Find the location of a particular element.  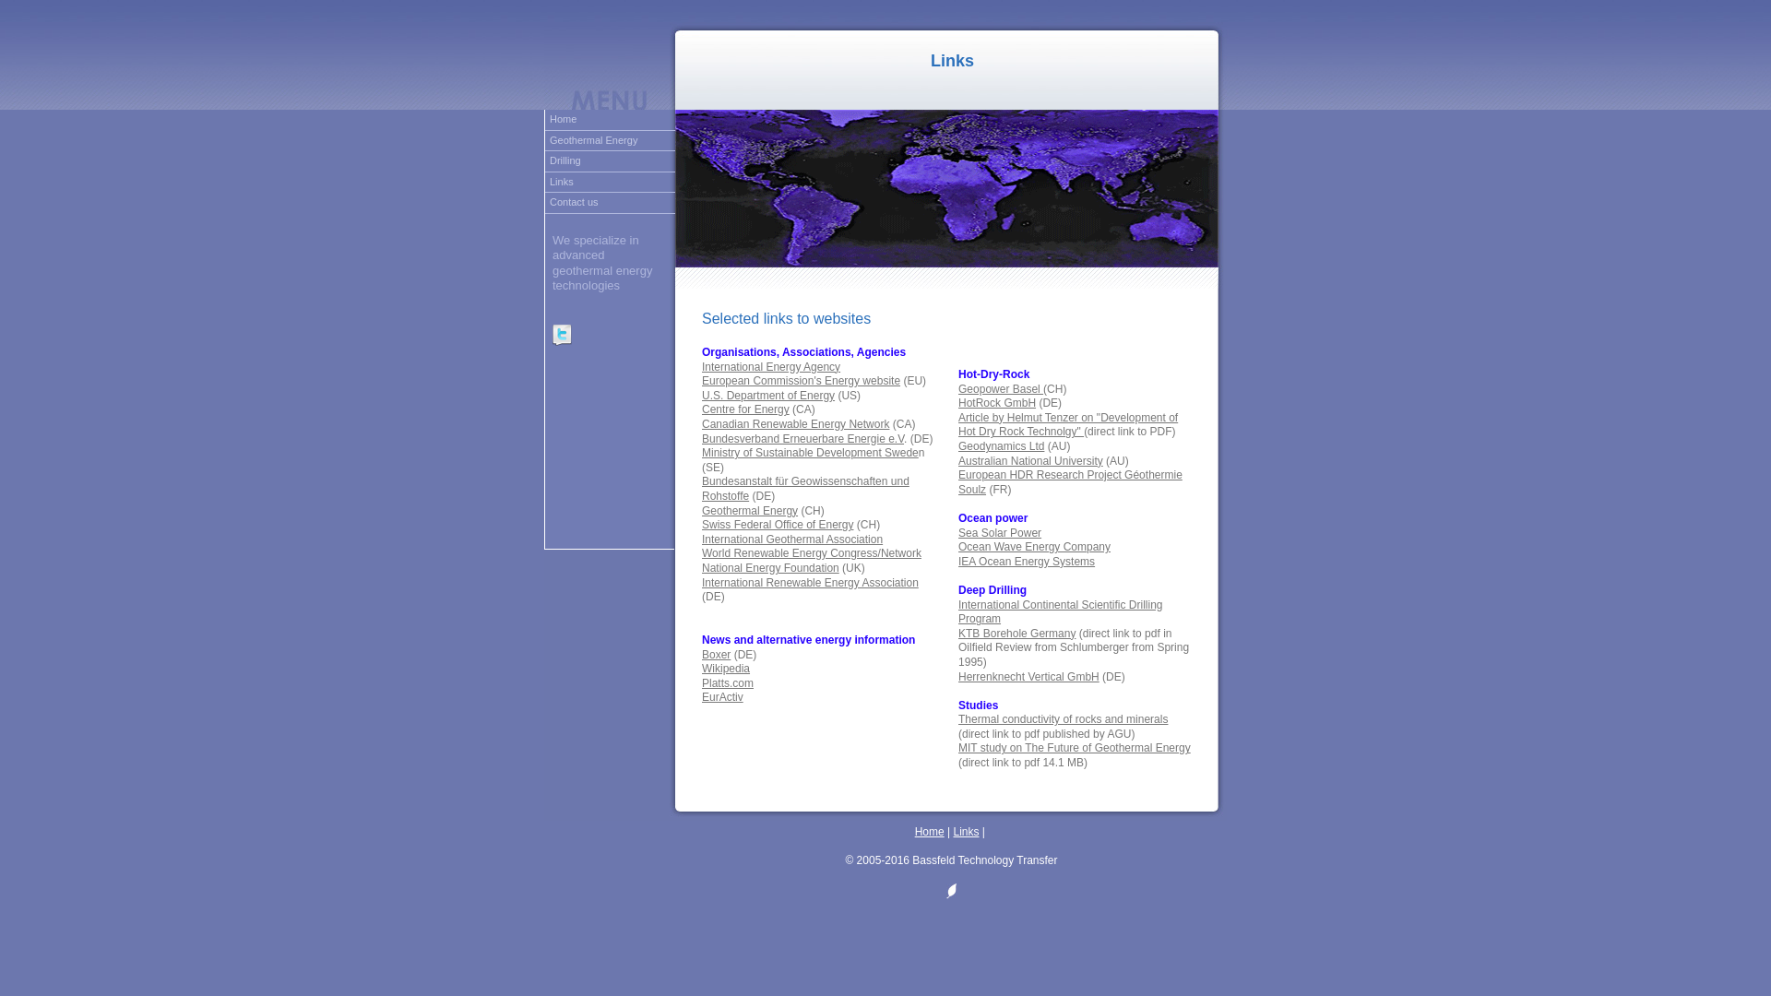

'MIT study on The Future of Geothermal Energy' is located at coordinates (1075, 747).